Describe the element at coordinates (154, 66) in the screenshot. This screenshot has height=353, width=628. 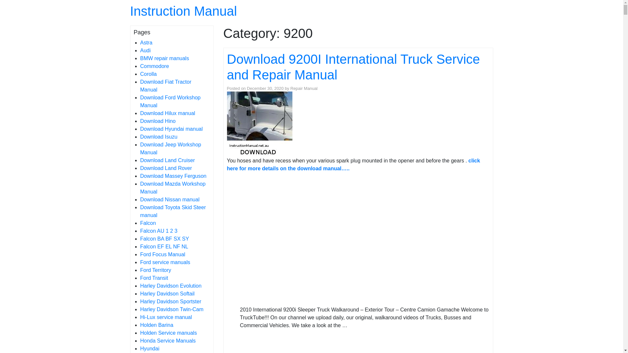
I see `'Commodore'` at that location.